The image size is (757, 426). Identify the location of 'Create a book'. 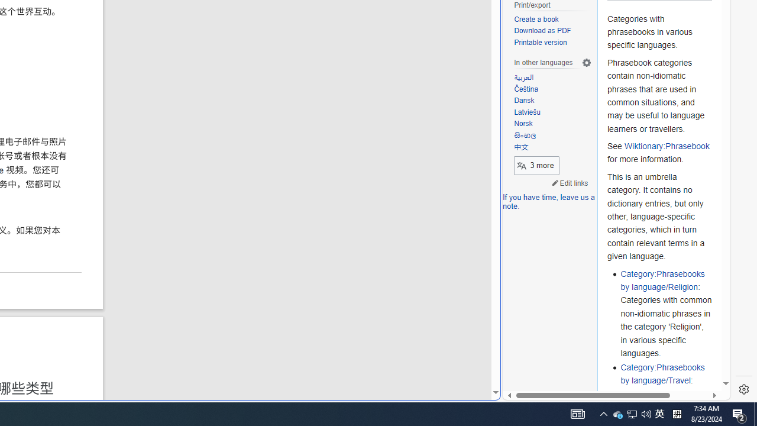
(552, 20).